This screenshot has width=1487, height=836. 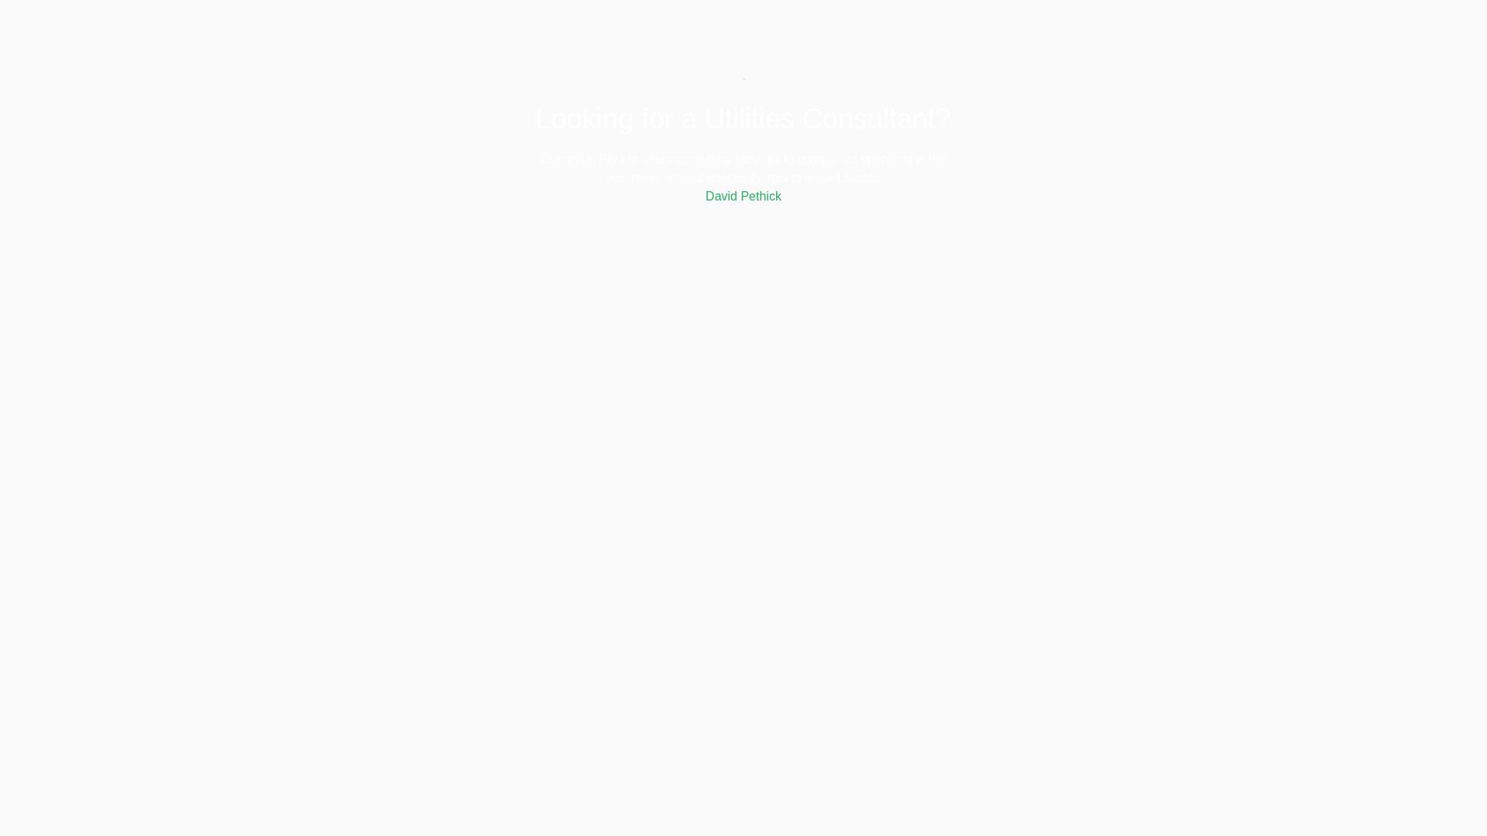 What do you see at coordinates (743, 195) in the screenshot?
I see `'David Pethick'` at bounding box center [743, 195].